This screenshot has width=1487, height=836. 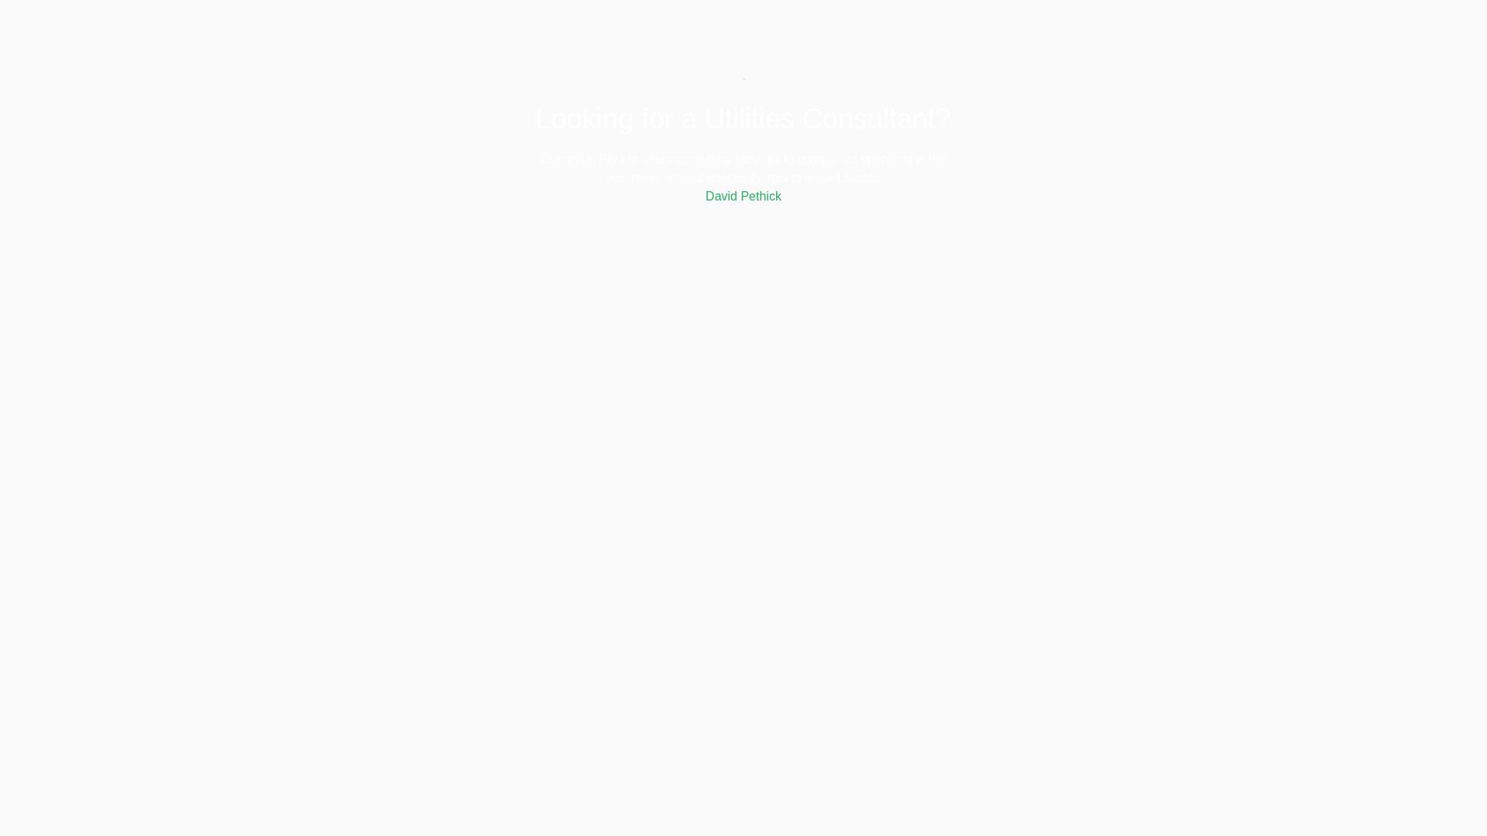 What do you see at coordinates (743, 195) in the screenshot?
I see `'David Pethick'` at bounding box center [743, 195].